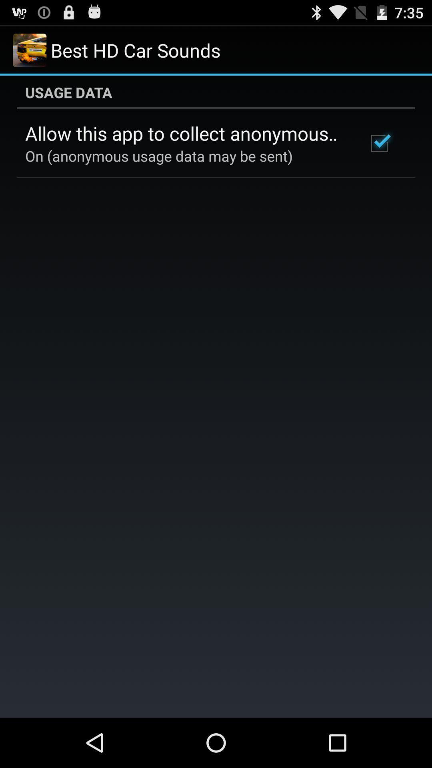 The width and height of the screenshot is (432, 768). I want to click on item below usage data item, so click(185, 133).